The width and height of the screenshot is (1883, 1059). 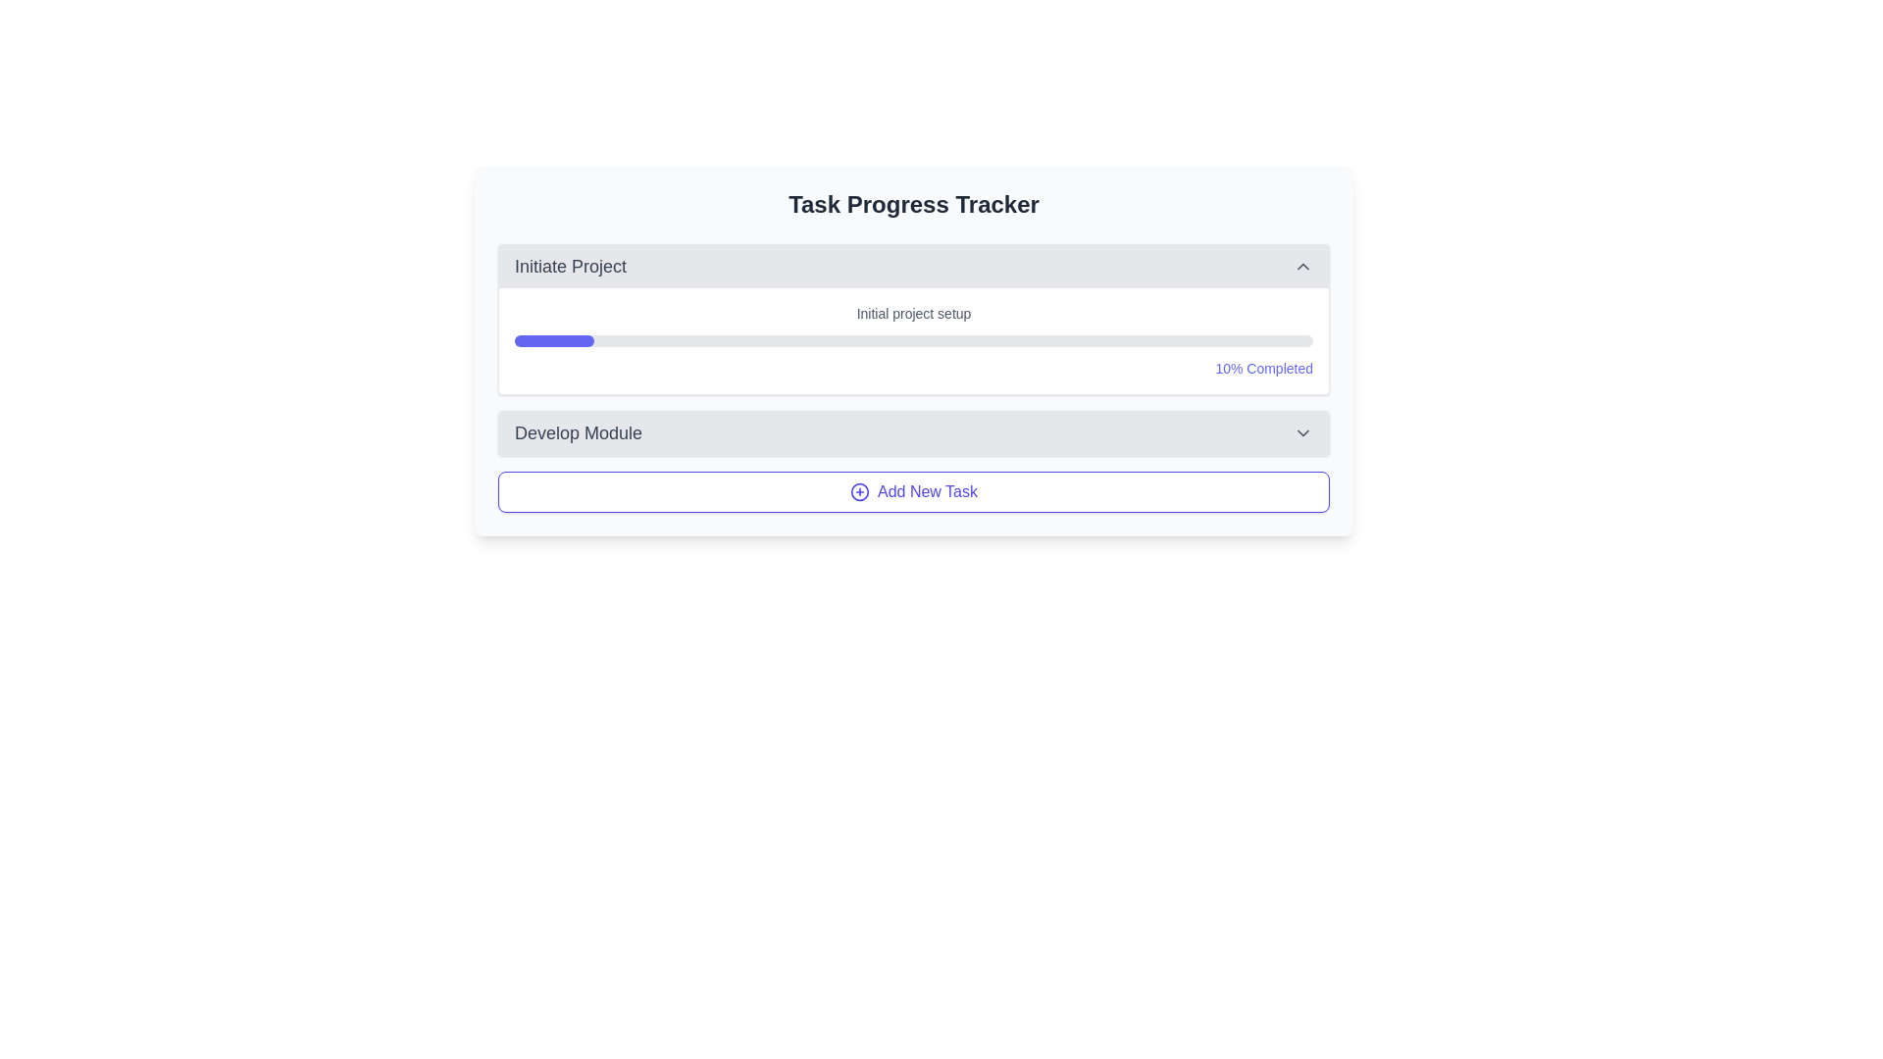 I want to click on the button labeled 'Add New Task' which contains the circular icon with a '+' symbol, so click(x=860, y=490).